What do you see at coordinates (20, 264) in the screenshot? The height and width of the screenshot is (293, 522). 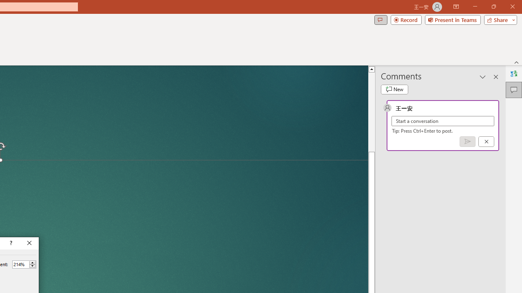 I see `'Percent'` at bounding box center [20, 264].